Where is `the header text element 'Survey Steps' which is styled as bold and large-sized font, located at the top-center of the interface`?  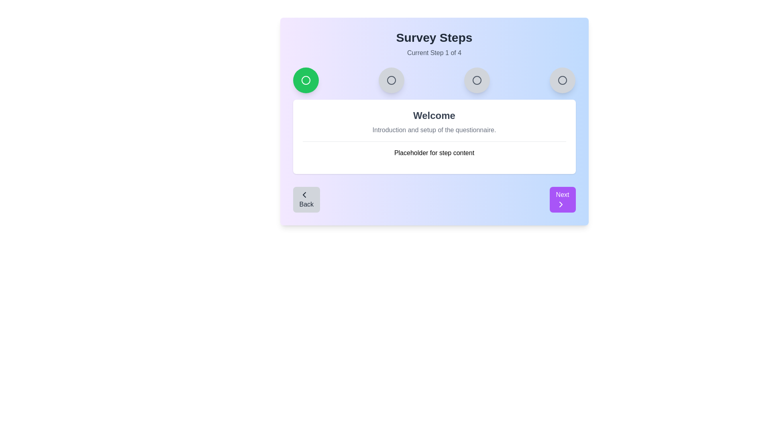
the header text element 'Survey Steps' which is styled as bold and large-sized font, located at the top-center of the interface is located at coordinates (434, 37).